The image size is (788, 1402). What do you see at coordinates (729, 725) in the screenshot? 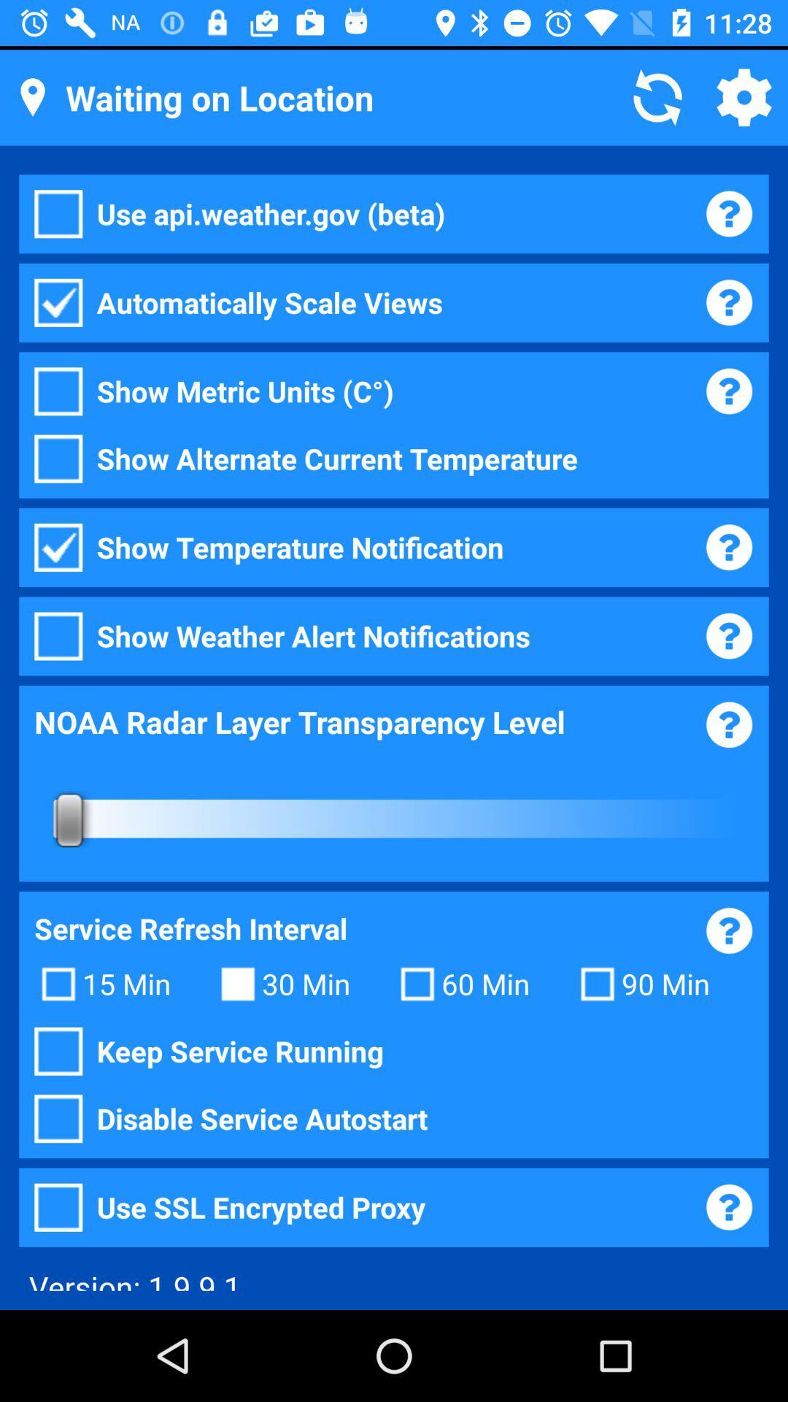
I see `the help icon` at bounding box center [729, 725].